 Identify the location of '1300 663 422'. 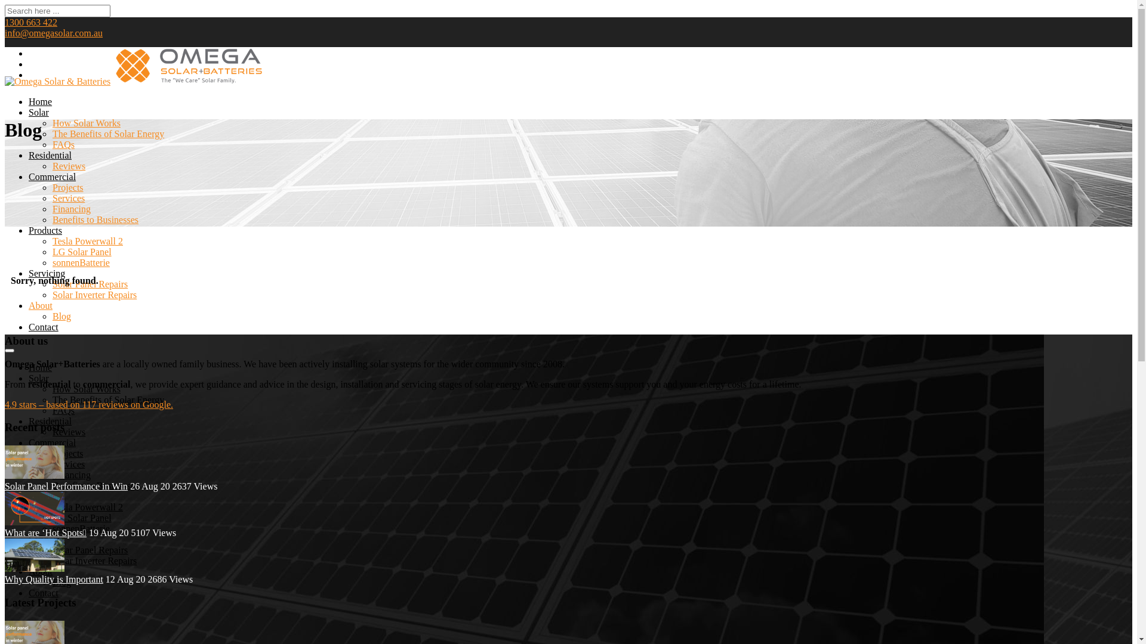
(31, 22).